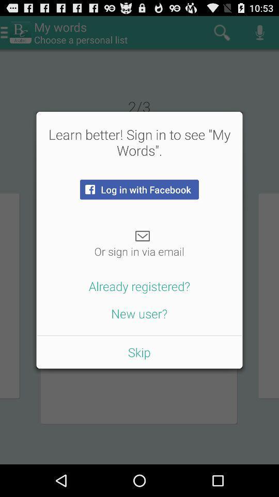 This screenshot has width=279, height=497. I want to click on the log in with, so click(139, 189).